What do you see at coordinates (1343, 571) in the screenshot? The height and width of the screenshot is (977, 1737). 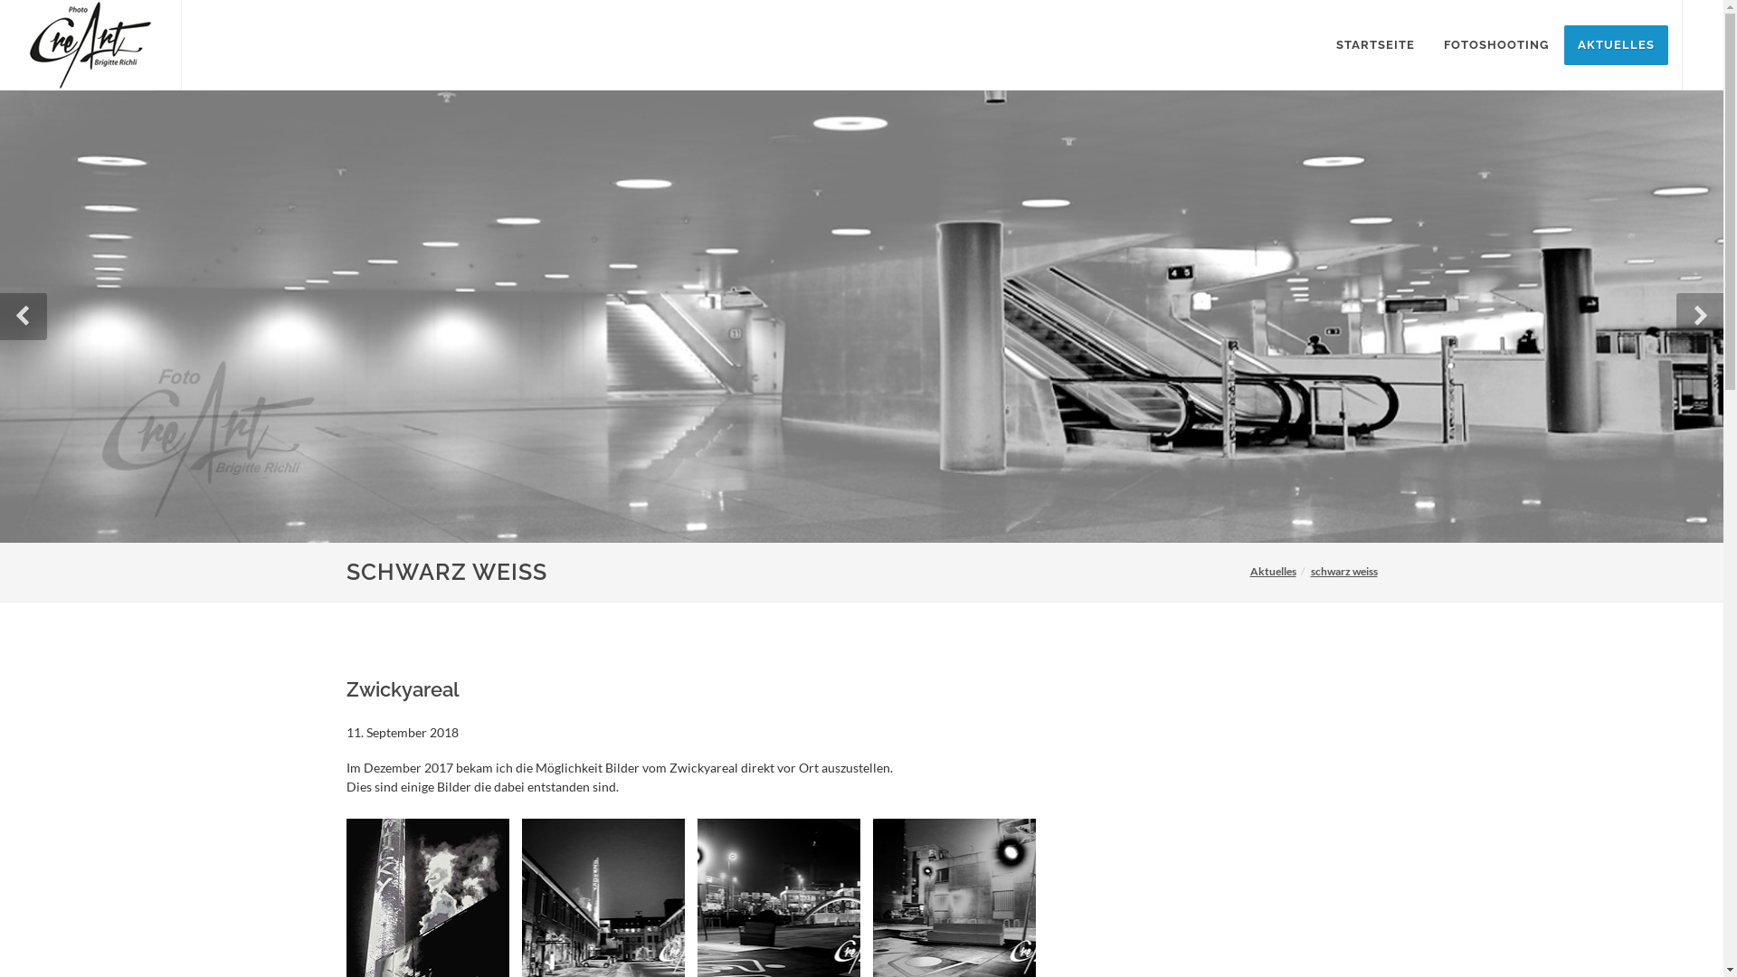 I see `'schwarz weiss'` at bounding box center [1343, 571].